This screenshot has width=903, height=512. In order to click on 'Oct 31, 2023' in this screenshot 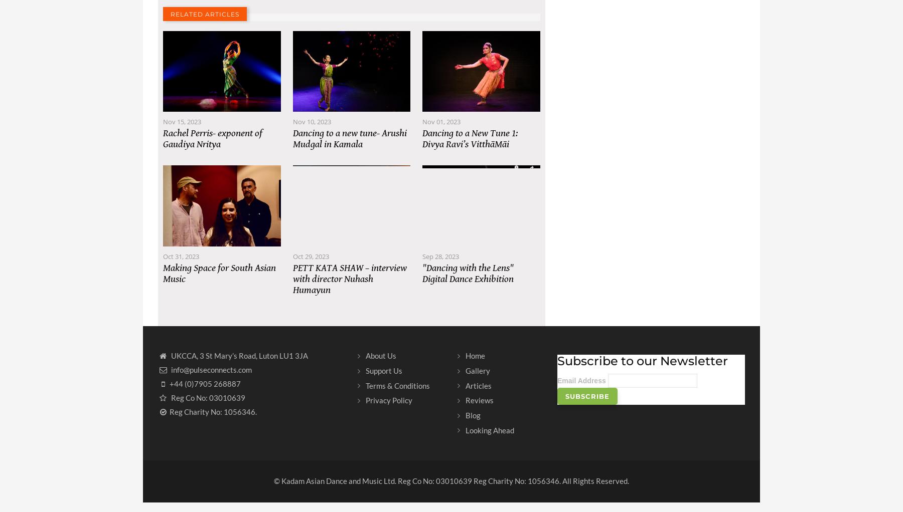, I will do `click(181, 265)`.